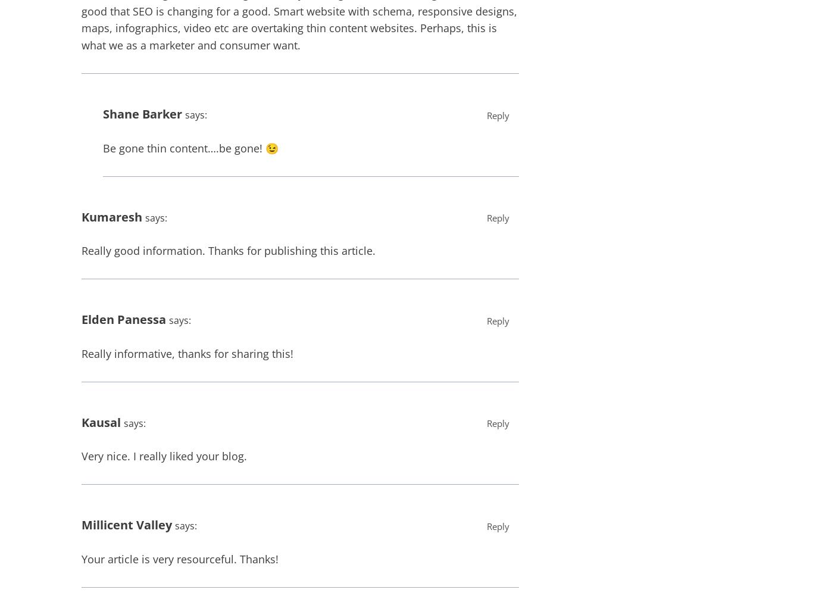 Image resolution: width=813 pixels, height=605 pixels. What do you see at coordinates (190, 148) in the screenshot?
I see `'Be gone thin content….be gone! 😉'` at bounding box center [190, 148].